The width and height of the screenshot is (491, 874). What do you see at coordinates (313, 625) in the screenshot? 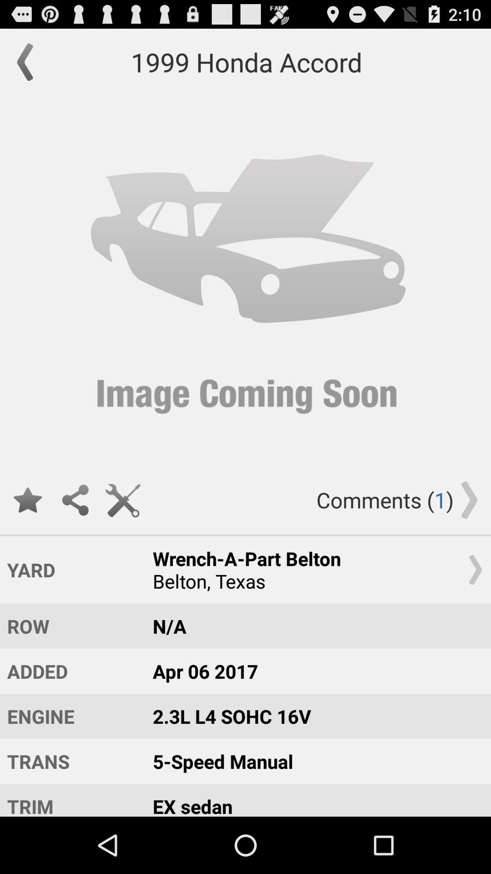
I see `the icon to the right of row item` at bounding box center [313, 625].